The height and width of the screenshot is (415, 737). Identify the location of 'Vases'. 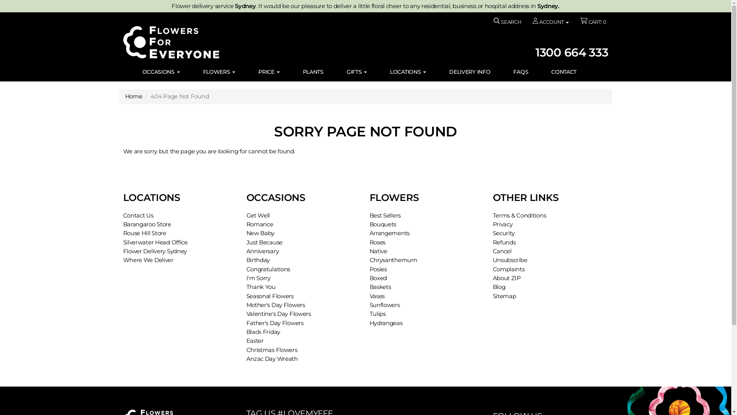
(377, 296).